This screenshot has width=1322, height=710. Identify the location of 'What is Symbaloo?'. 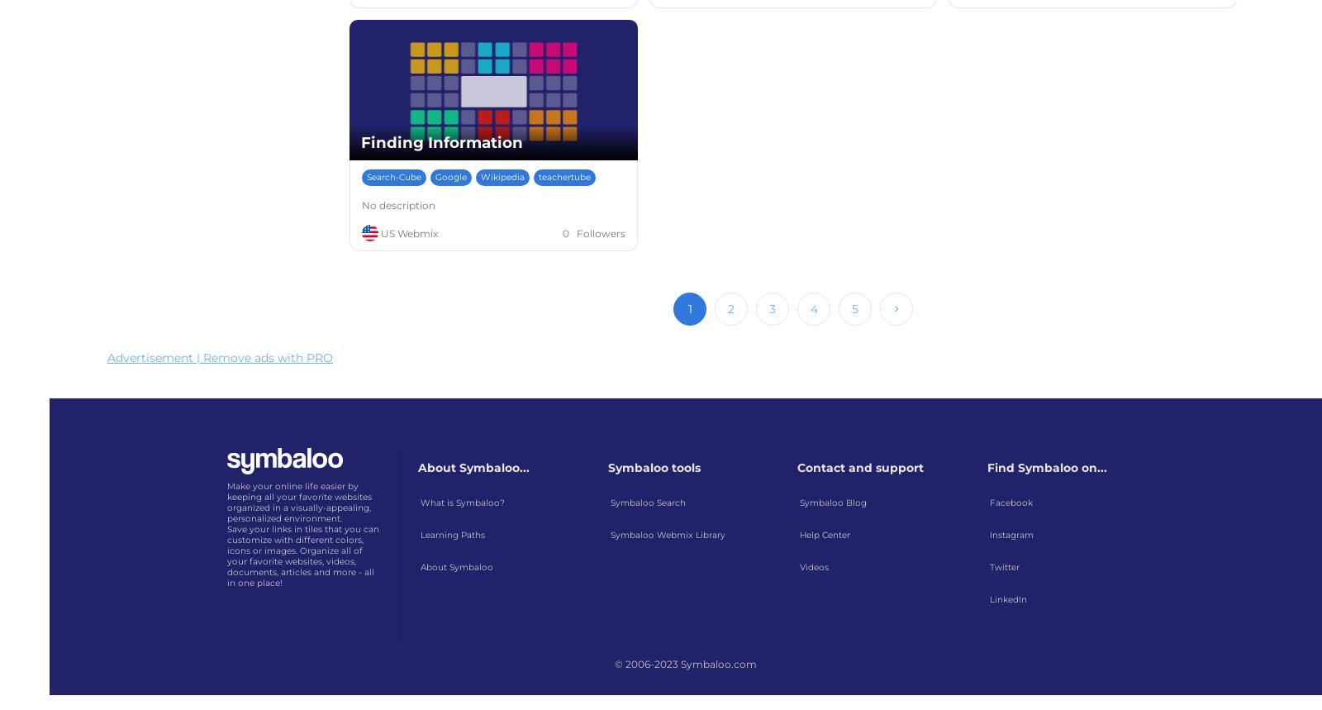
(461, 503).